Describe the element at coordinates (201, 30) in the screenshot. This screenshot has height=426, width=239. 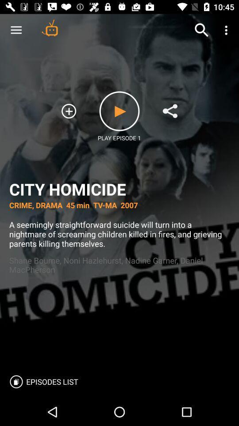
I see `icon above the city homicide item` at that location.